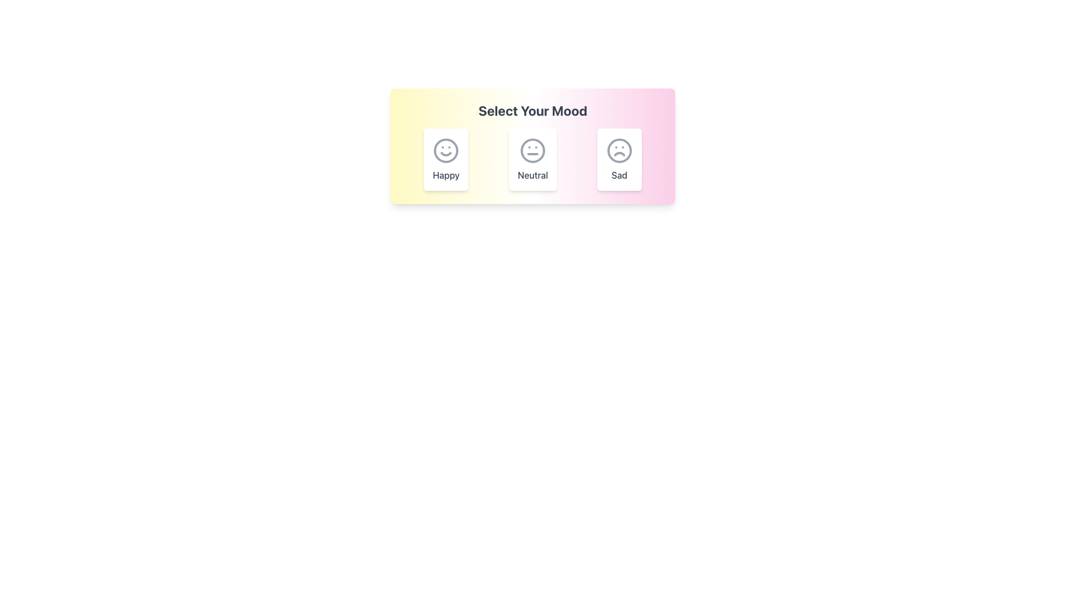  Describe the element at coordinates (446, 154) in the screenshot. I see `the smile curve icon representing happiness, located at the bottom part of the circular face icon` at that location.